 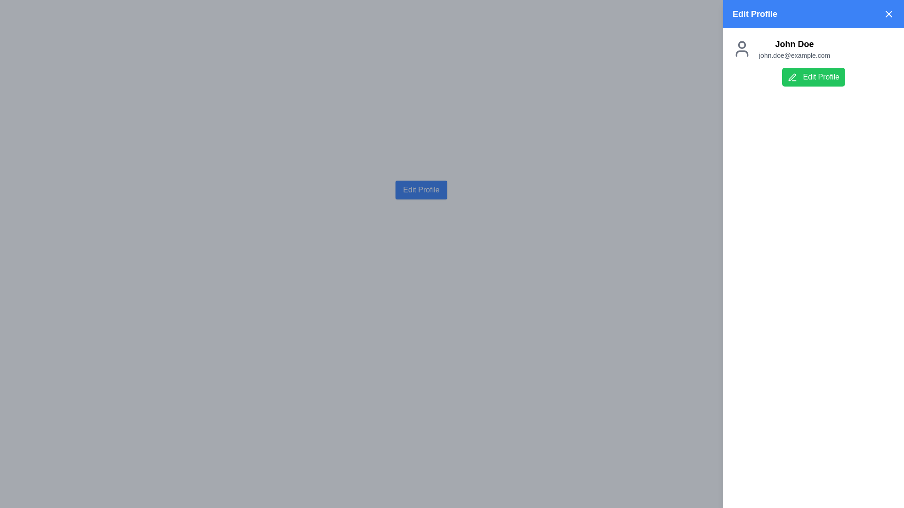 What do you see at coordinates (420, 190) in the screenshot?
I see `the 'Edit Profile' button` at bounding box center [420, 190].